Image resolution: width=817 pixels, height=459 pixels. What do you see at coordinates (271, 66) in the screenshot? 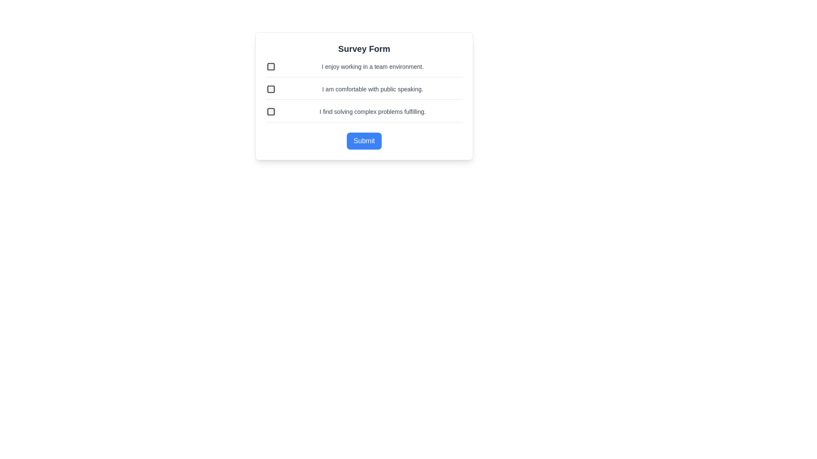
I see `the Checkbox icon located to the left of the text 'I enjoy working in a team environment'` at bounding box center [271, 66].